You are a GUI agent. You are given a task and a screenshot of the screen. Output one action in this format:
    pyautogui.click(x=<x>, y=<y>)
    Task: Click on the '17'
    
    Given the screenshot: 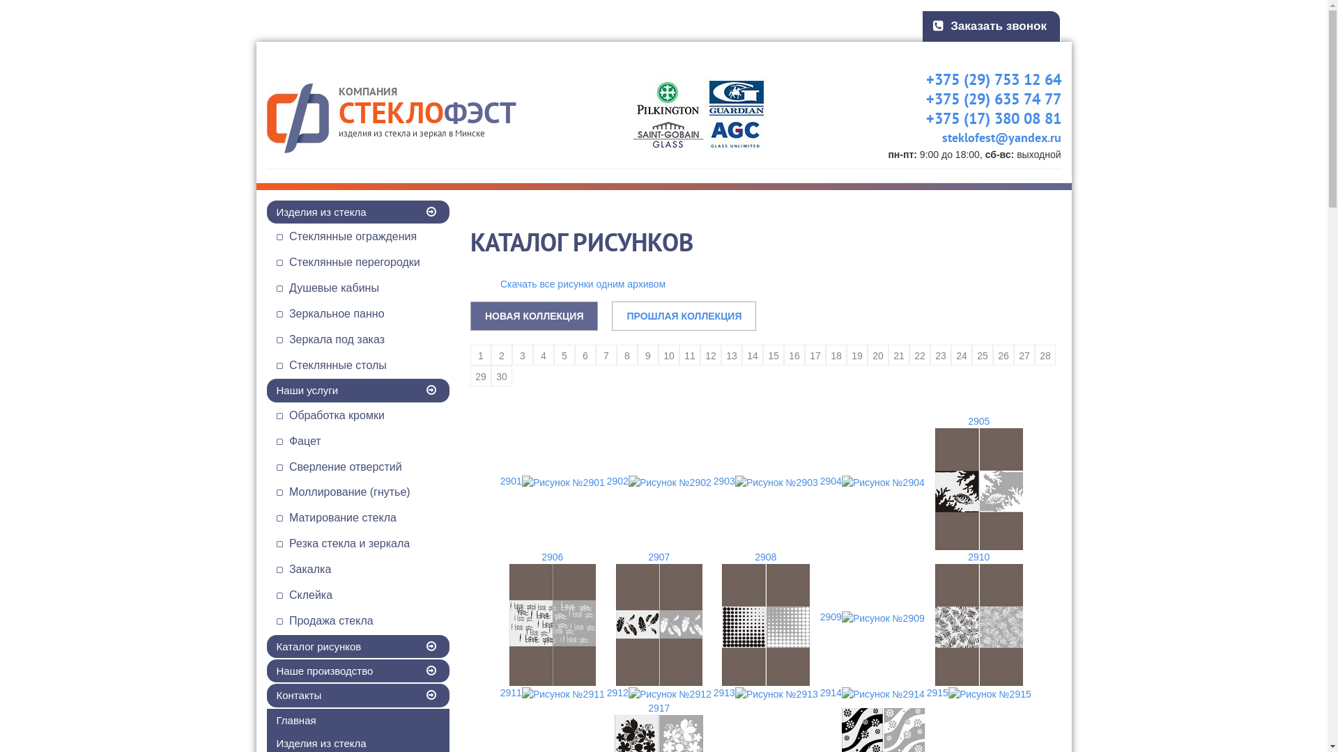 What is the action you would take?
    pyautogui.click(x=815, y=354)
    